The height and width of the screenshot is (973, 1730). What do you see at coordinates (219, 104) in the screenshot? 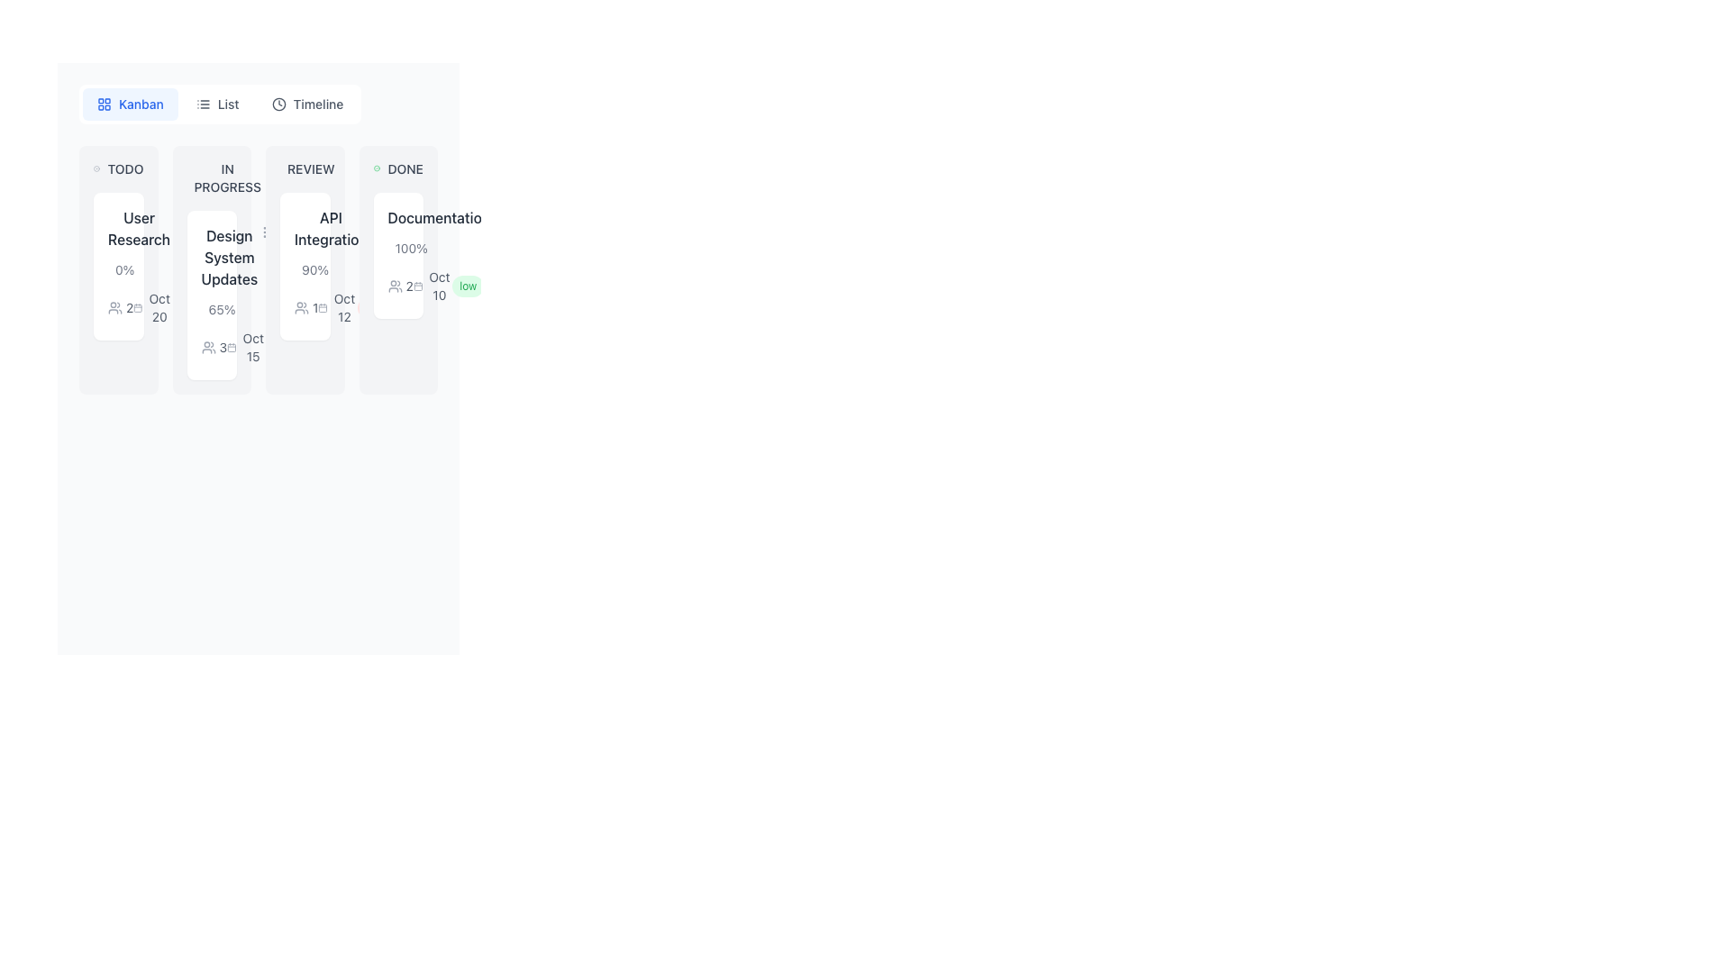
I see `the middle button in the horizontal menu at the top of the interface` at bounding box center [219, 104].